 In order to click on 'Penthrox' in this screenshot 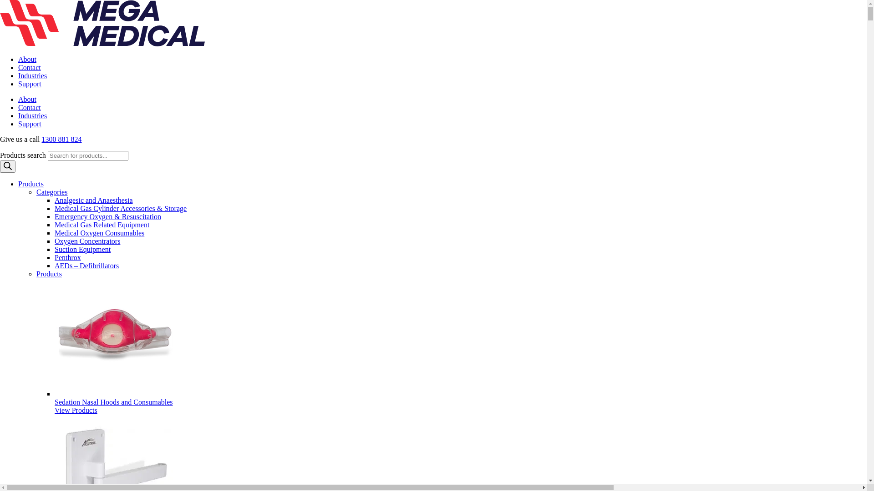, I will do `click(67, 257)`.